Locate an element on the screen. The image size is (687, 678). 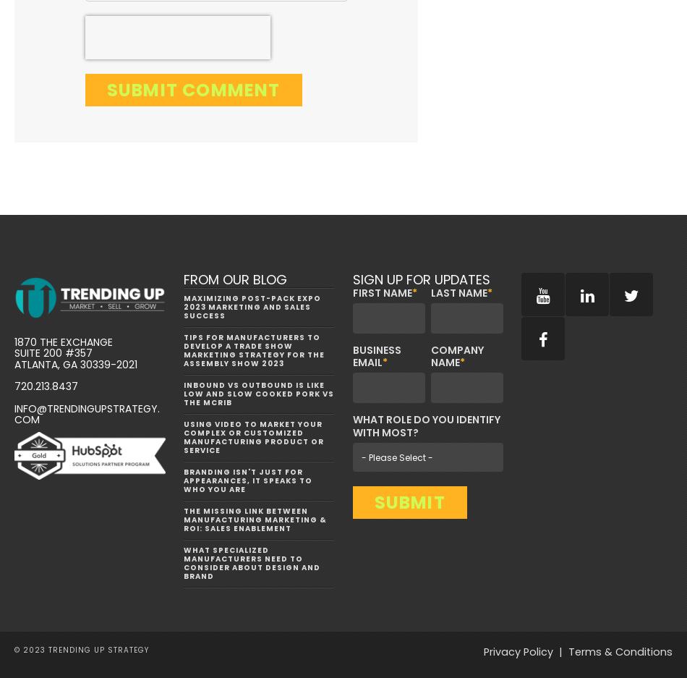
'1870 The Exchange' is located at coordinates (63, 342).